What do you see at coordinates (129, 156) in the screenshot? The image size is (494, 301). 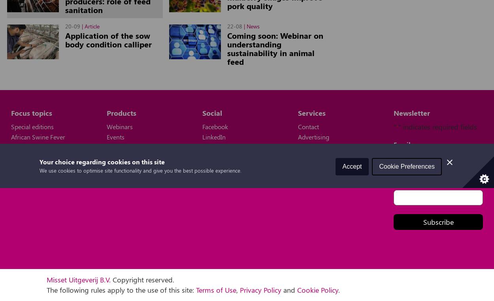 I see `'Digital magazine'` at bounding box center [129, 156].